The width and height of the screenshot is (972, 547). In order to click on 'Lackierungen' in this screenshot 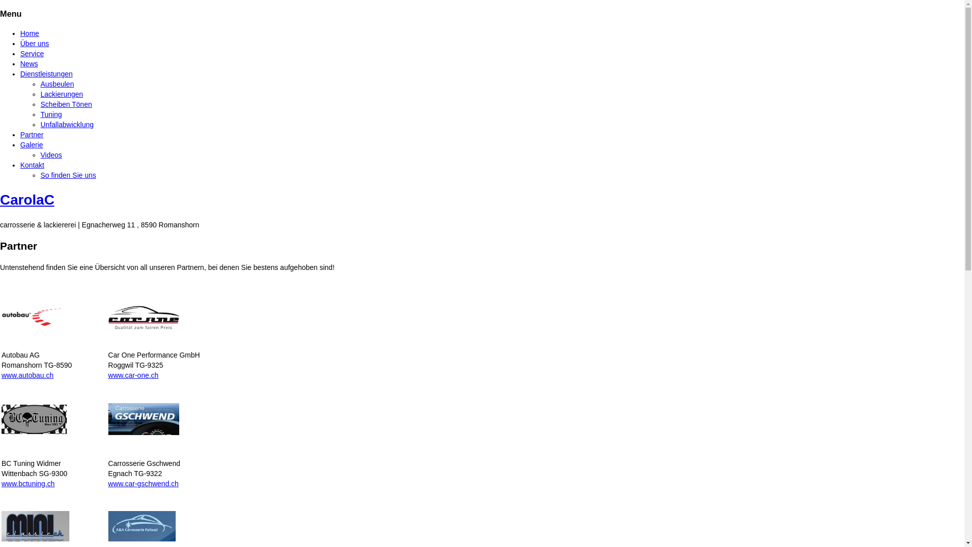, I will do `click(40, 94)`.